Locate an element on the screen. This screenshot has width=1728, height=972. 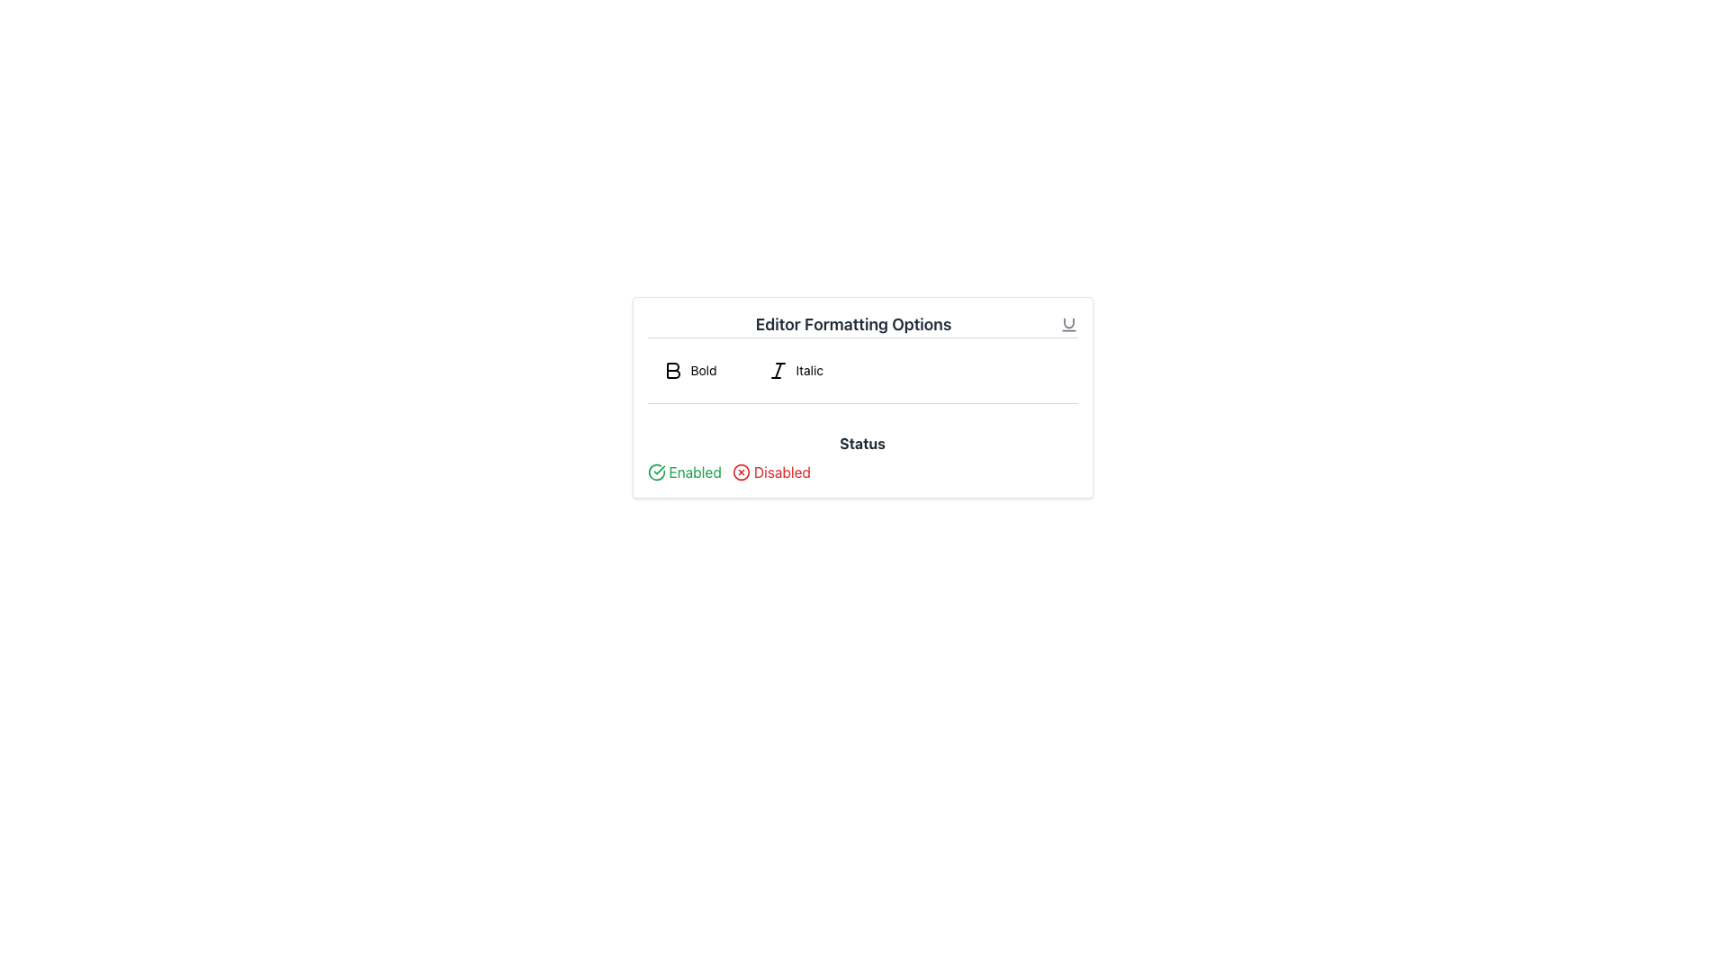
the checkmark icon that indicates an 'Enabled' status, located to the left of the 'Enabled' text label in the lower section of the layout under the 'Status' header is located at coordinates (655, 471).